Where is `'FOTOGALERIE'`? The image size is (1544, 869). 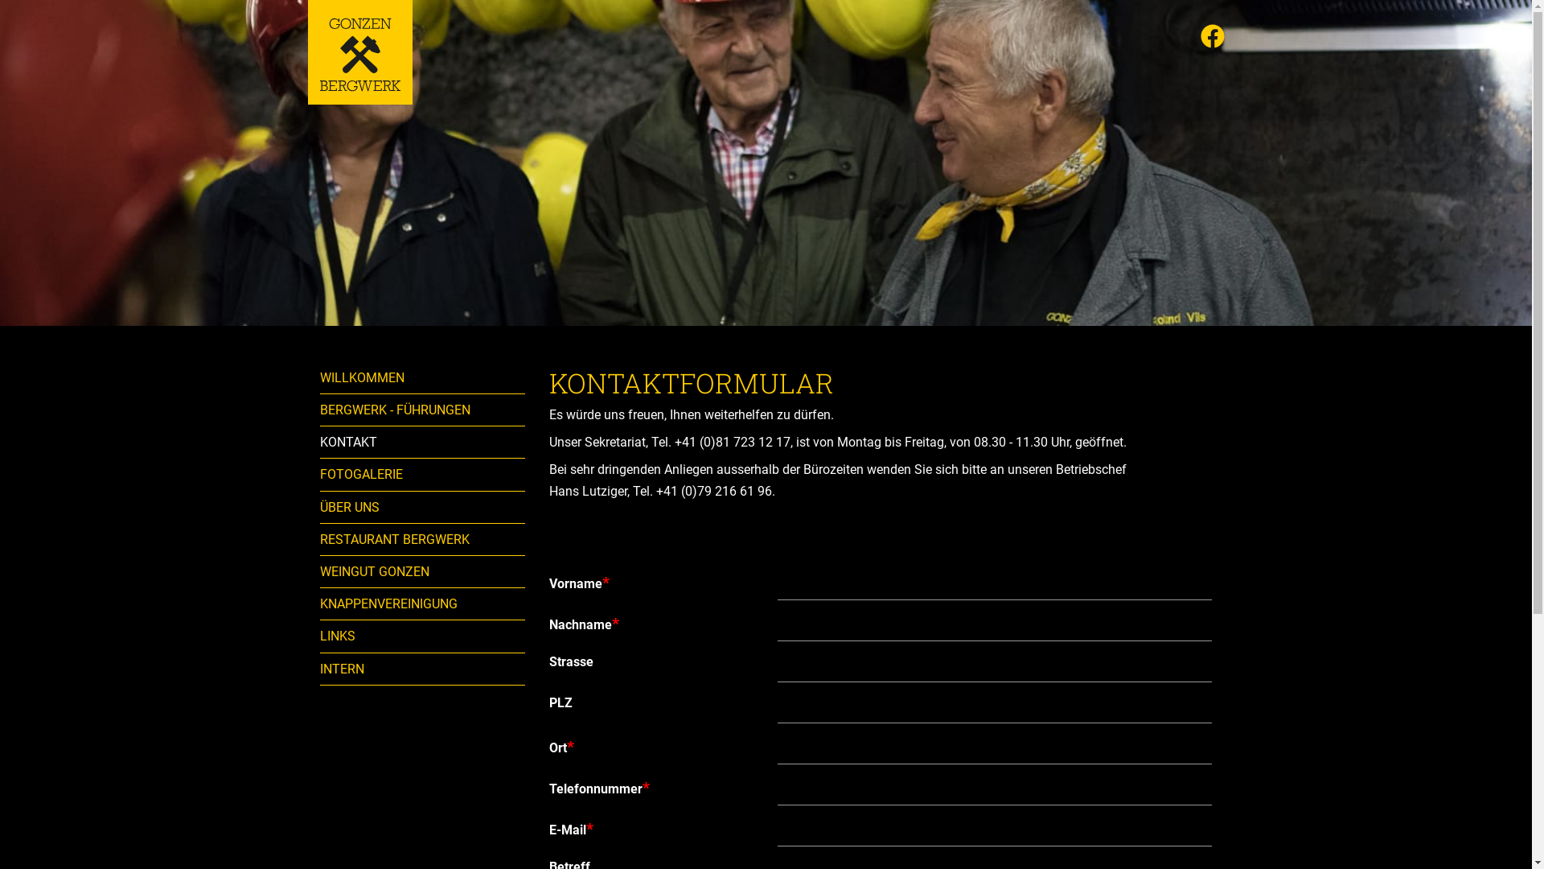 'FOTOGALERIE' is located at coordinates (422, 473).